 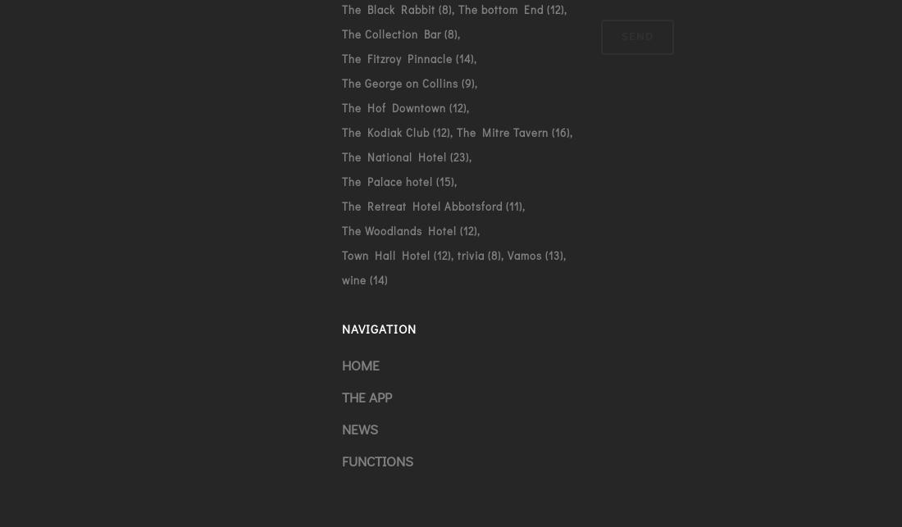 What do you see at coordinates (340, 180) in the screenshot?
I see `'The Palace hotel'` at bounding box center [340, 180].